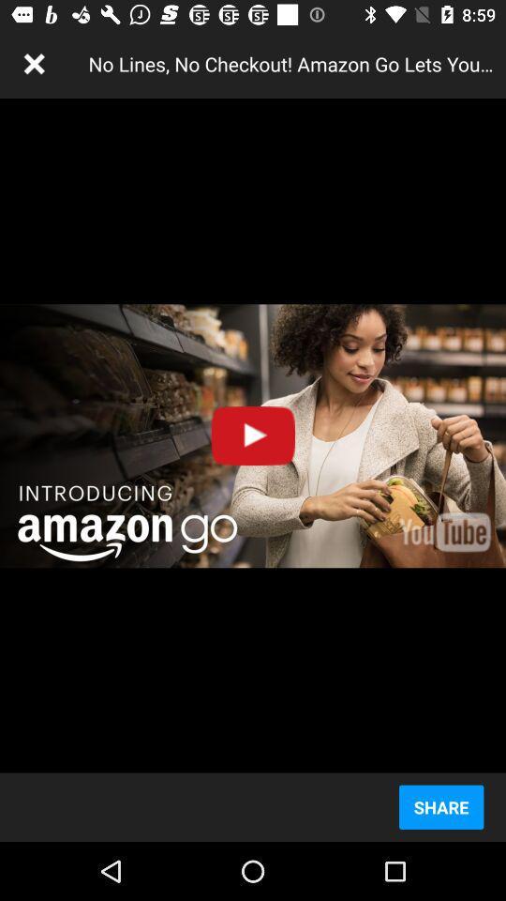 The width and height of the screenshot is (506, 901). What do you see at coordinates (34, 64) in the screenshot?
I see `icon next to the no lines no item` at bounding box center [34, 64].